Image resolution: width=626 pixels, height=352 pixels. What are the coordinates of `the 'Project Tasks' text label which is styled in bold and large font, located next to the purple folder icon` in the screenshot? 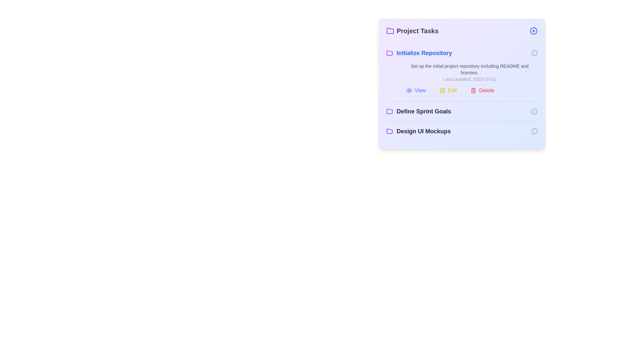 It's located at (412, 31).